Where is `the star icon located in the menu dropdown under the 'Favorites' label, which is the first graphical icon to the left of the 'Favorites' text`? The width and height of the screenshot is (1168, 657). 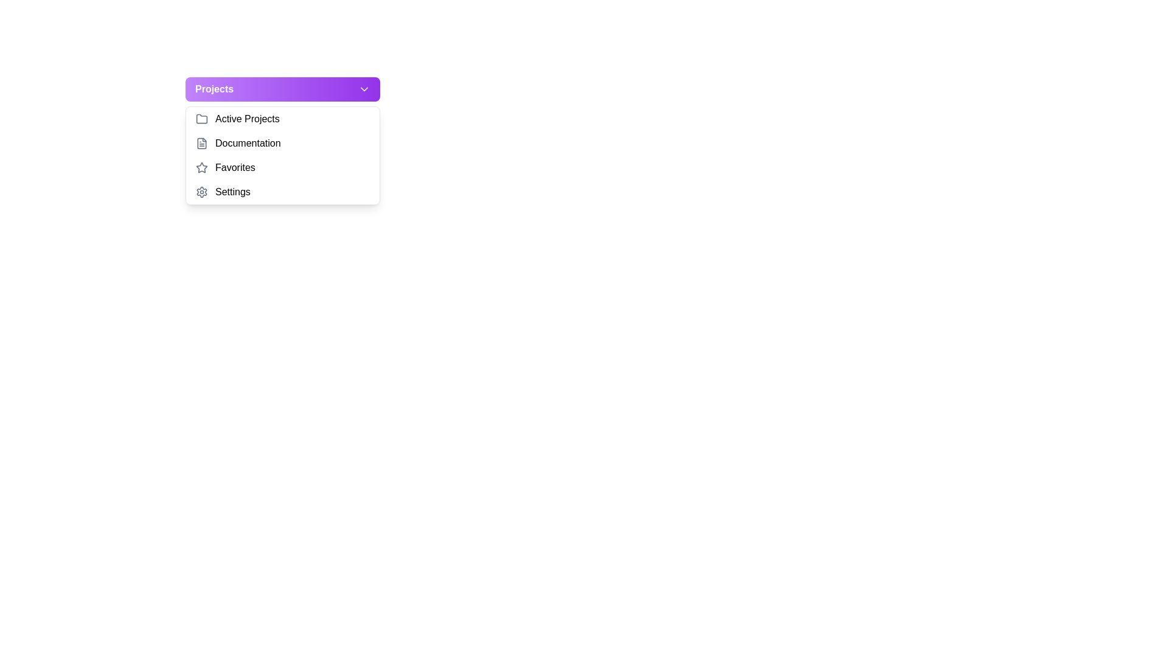
the star icon located in the menu dropdown under the 'Favorites' label, which is the first graphical icon to the left of the 'Favorites' text is located at coordinates (201, 167).